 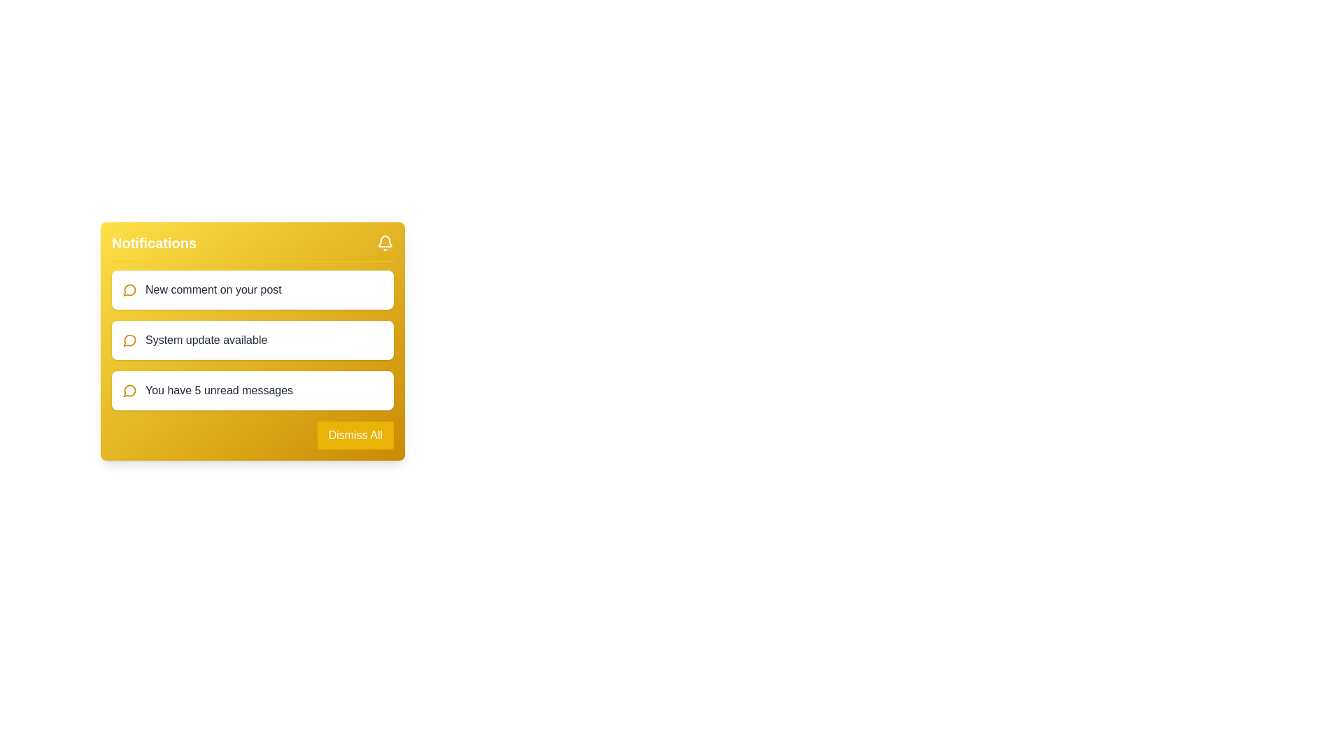 What do you see at coordinates (253, 355) in the screenshot?
I see `the second notification item that reads 'System update available' within the Notifications panel` at bounding box center [253, 355].